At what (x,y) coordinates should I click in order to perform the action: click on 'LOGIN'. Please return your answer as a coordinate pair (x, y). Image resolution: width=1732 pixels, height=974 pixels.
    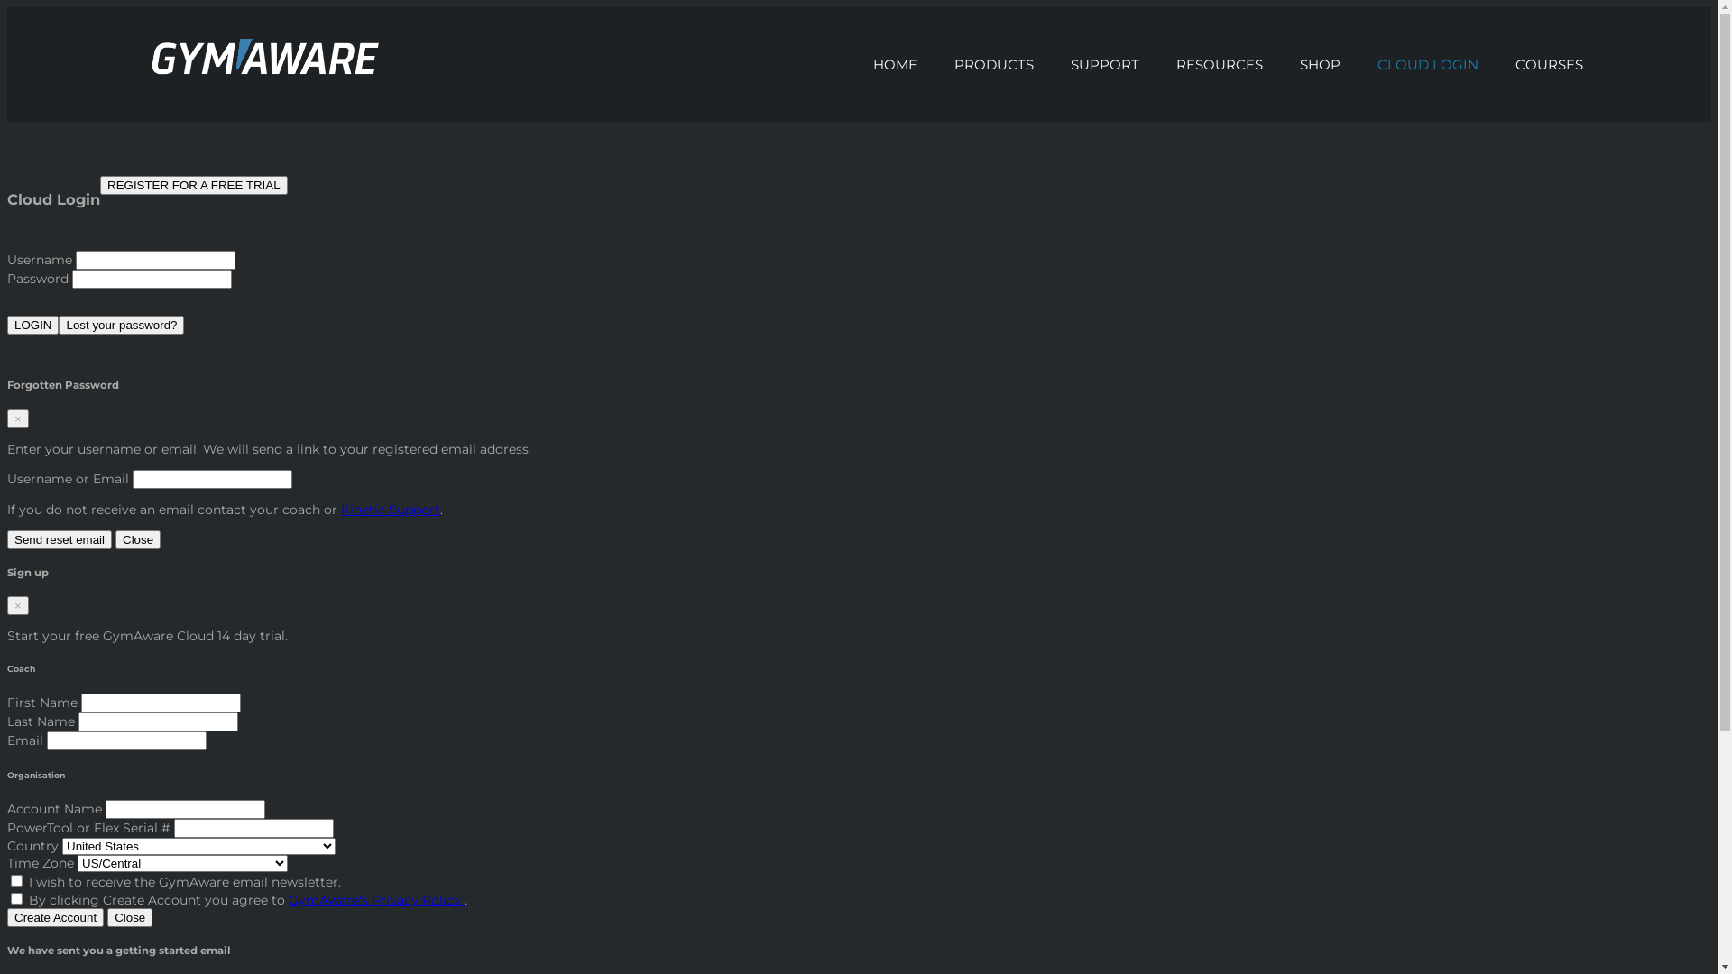
    Looking at the image, I should click on (32, 325).